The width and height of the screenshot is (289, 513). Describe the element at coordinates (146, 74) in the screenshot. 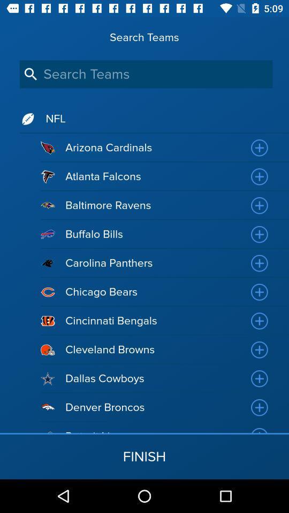

I see `search box` at that location.